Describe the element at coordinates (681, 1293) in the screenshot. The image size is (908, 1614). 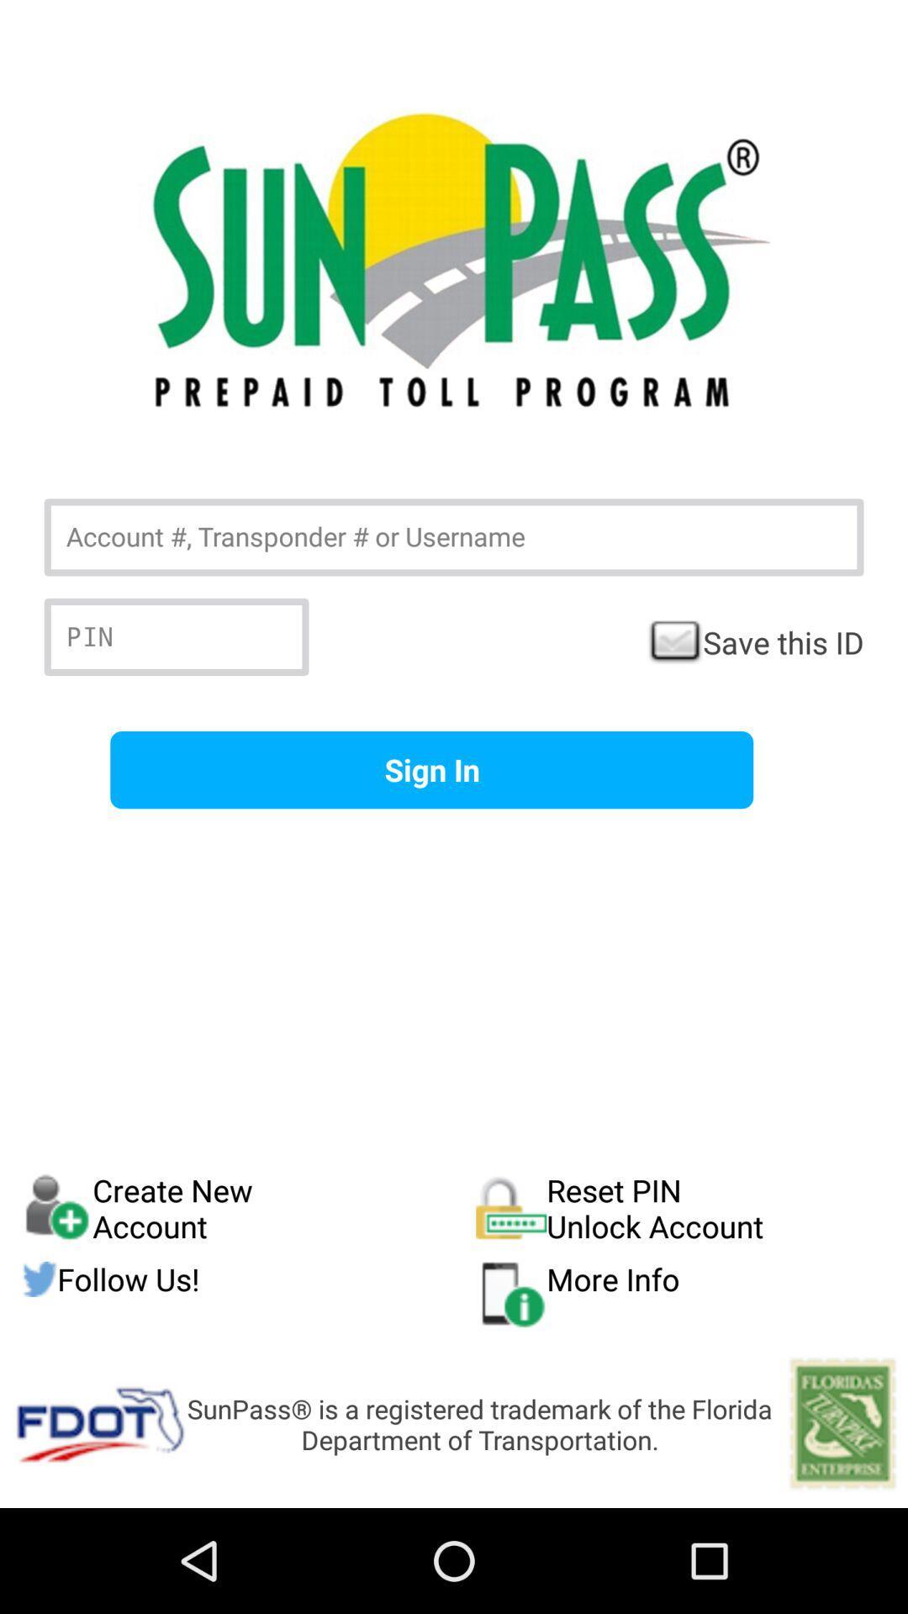
I see `icon above sunpass is a` at that location.